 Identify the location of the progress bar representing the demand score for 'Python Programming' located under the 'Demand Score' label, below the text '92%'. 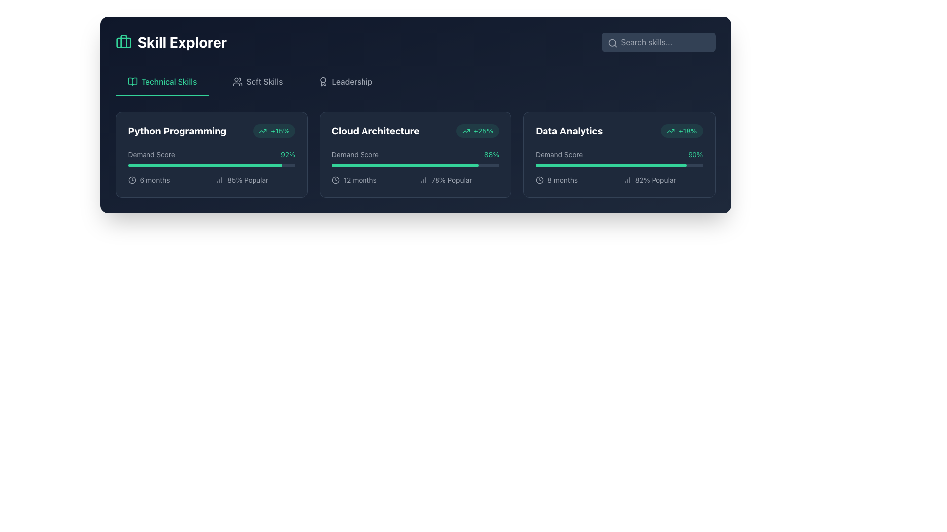
(211, 165).